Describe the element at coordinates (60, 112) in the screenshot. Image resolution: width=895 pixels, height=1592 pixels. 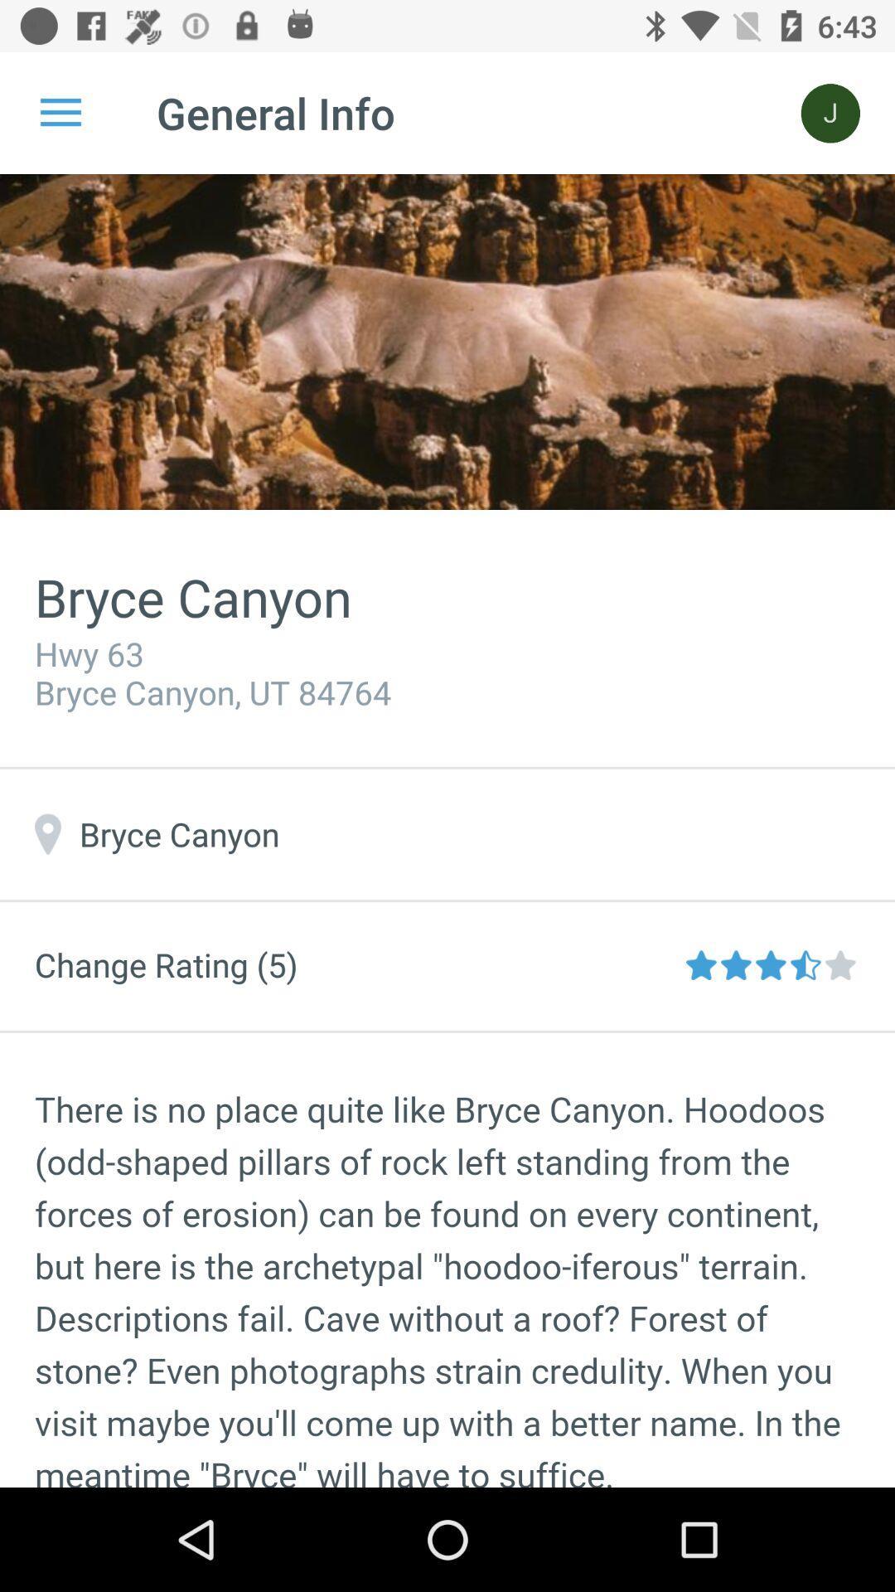
I see `the icon next to general info icon` at that location.